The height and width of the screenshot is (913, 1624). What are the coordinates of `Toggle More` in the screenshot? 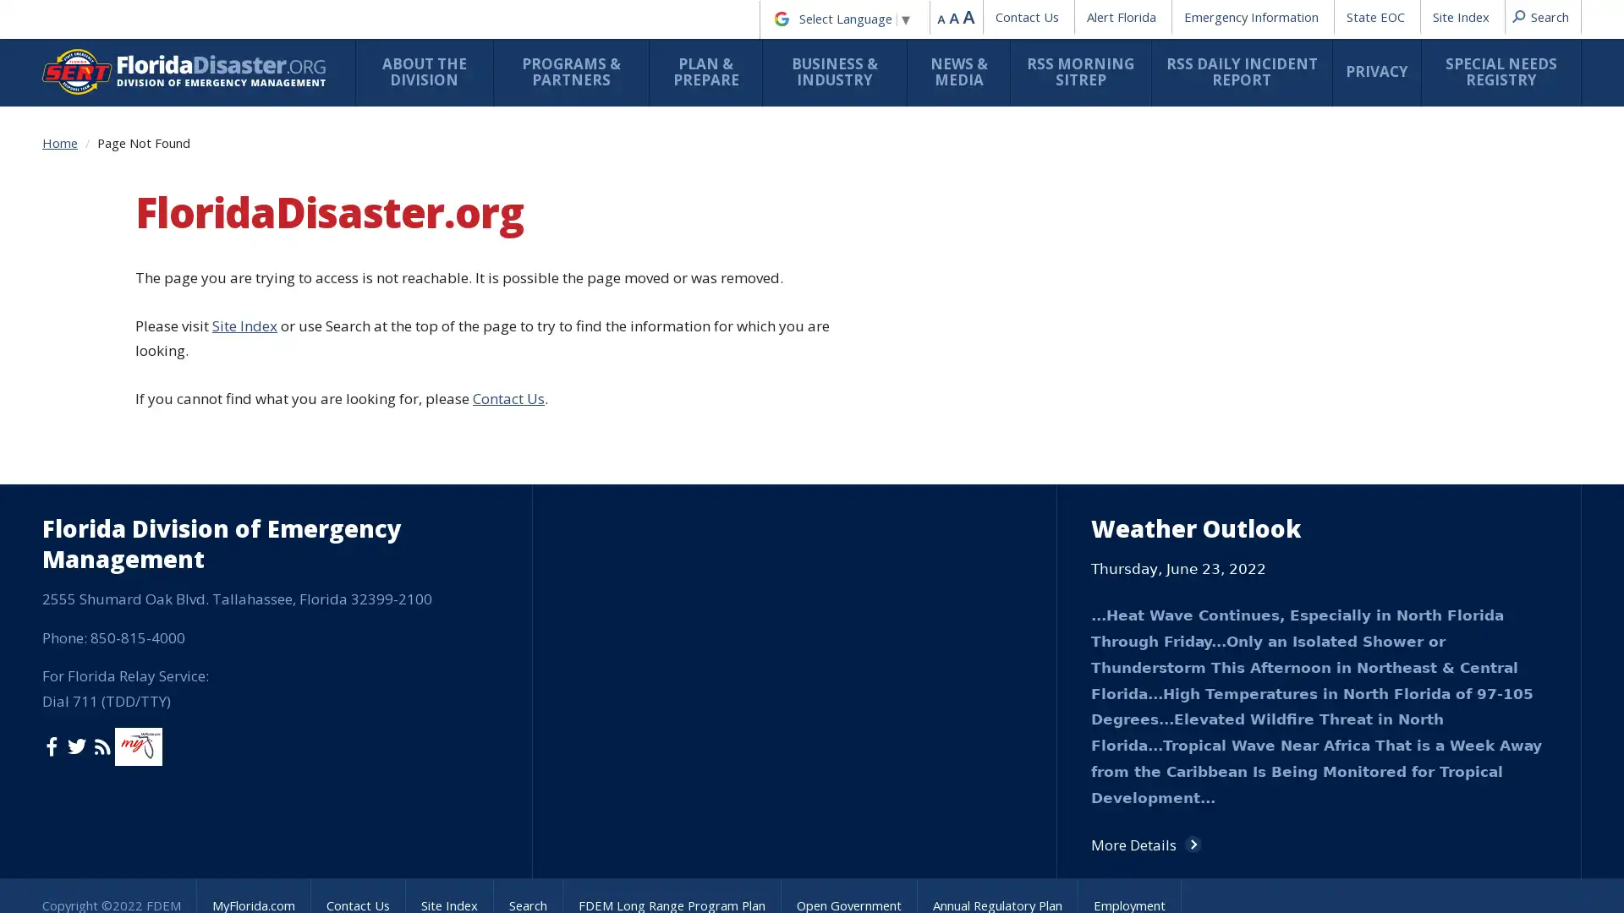 It's located at (678, 435).